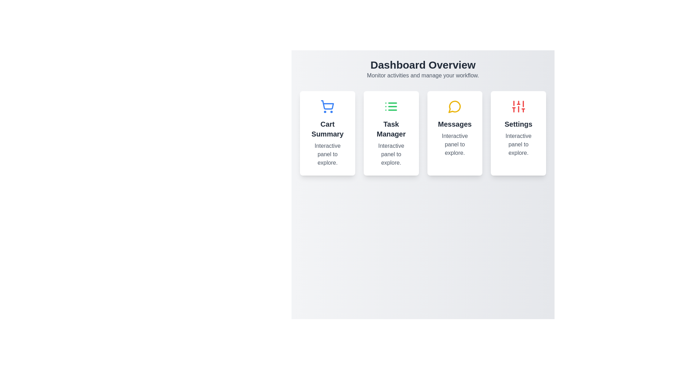  What do you see at coordinates (518, 124) in the screenshot?
I see `the text element displaying the word 'Settings' in bold style, located within a card UI element, positioned below a set of icons` at bounding box center [518, 124].